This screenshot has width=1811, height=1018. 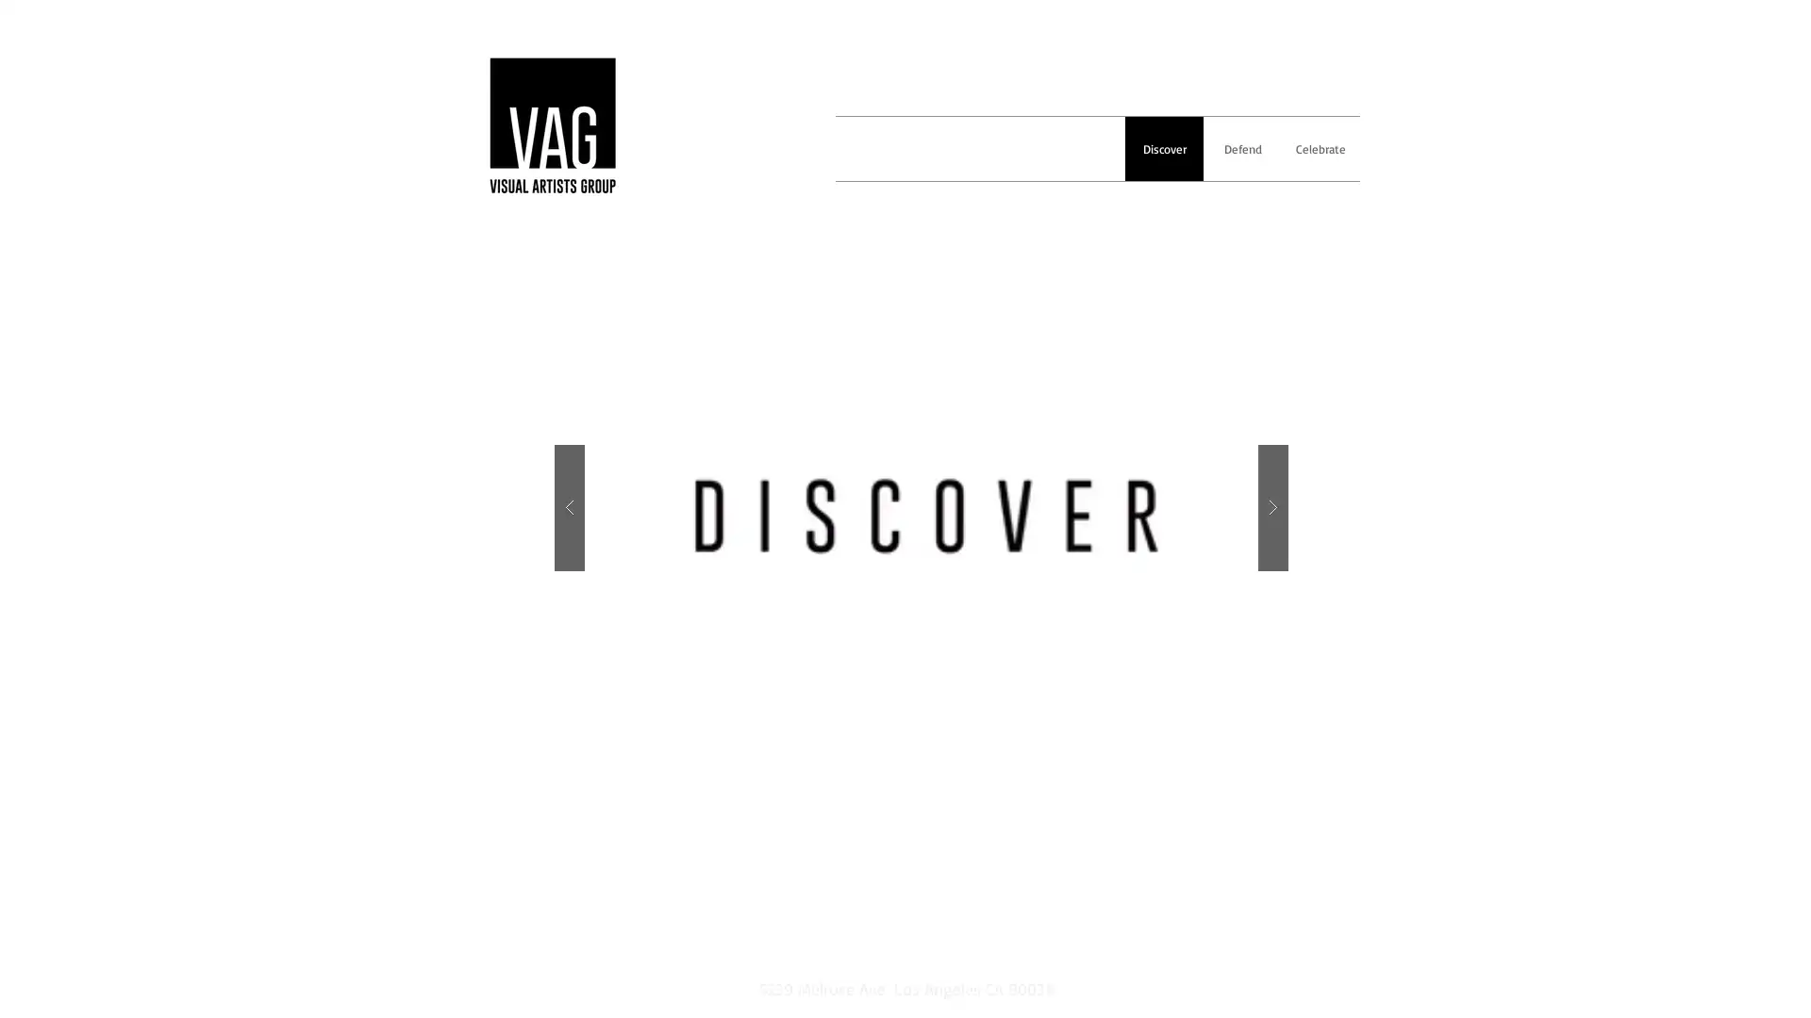 What do you see at coordinates (1272, 507) in the screenshot?
I see `next` at bounding box center [1272, 507].